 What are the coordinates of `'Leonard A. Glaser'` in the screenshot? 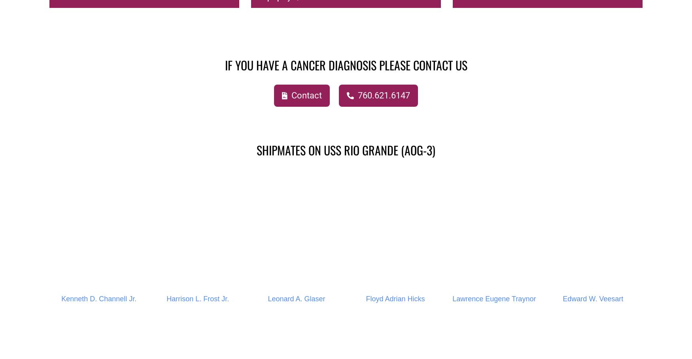 It's located at (267, 299).